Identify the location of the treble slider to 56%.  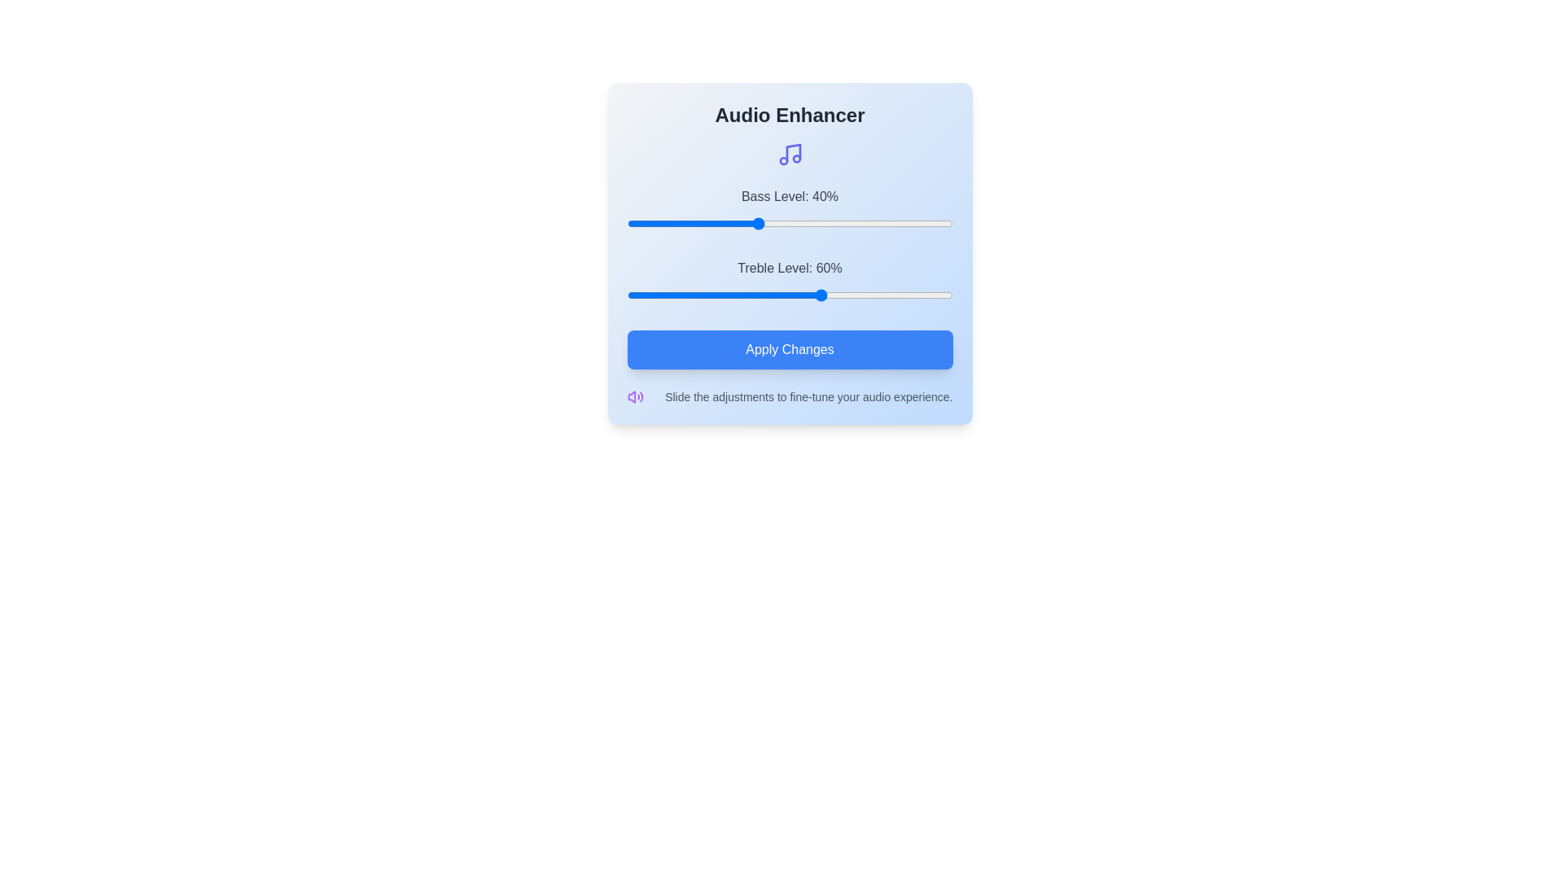
(809, 295).